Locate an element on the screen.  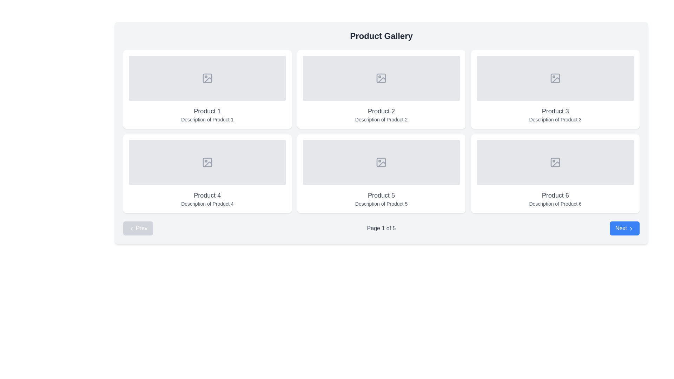
the SVG graphic icon that serves as a placeholder for an image within the 'Product 1' card in the product gallery is located at coordinates (207, 78).